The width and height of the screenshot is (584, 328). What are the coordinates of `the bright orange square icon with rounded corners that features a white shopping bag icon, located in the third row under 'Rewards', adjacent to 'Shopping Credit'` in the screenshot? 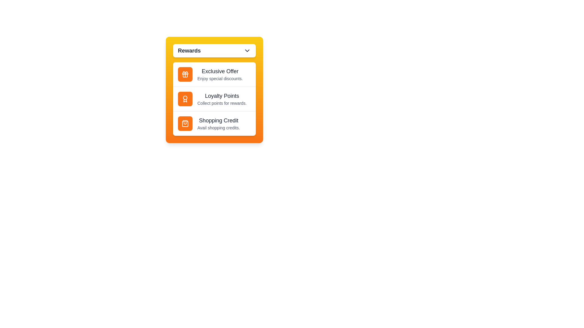 It's located at (185, 123).